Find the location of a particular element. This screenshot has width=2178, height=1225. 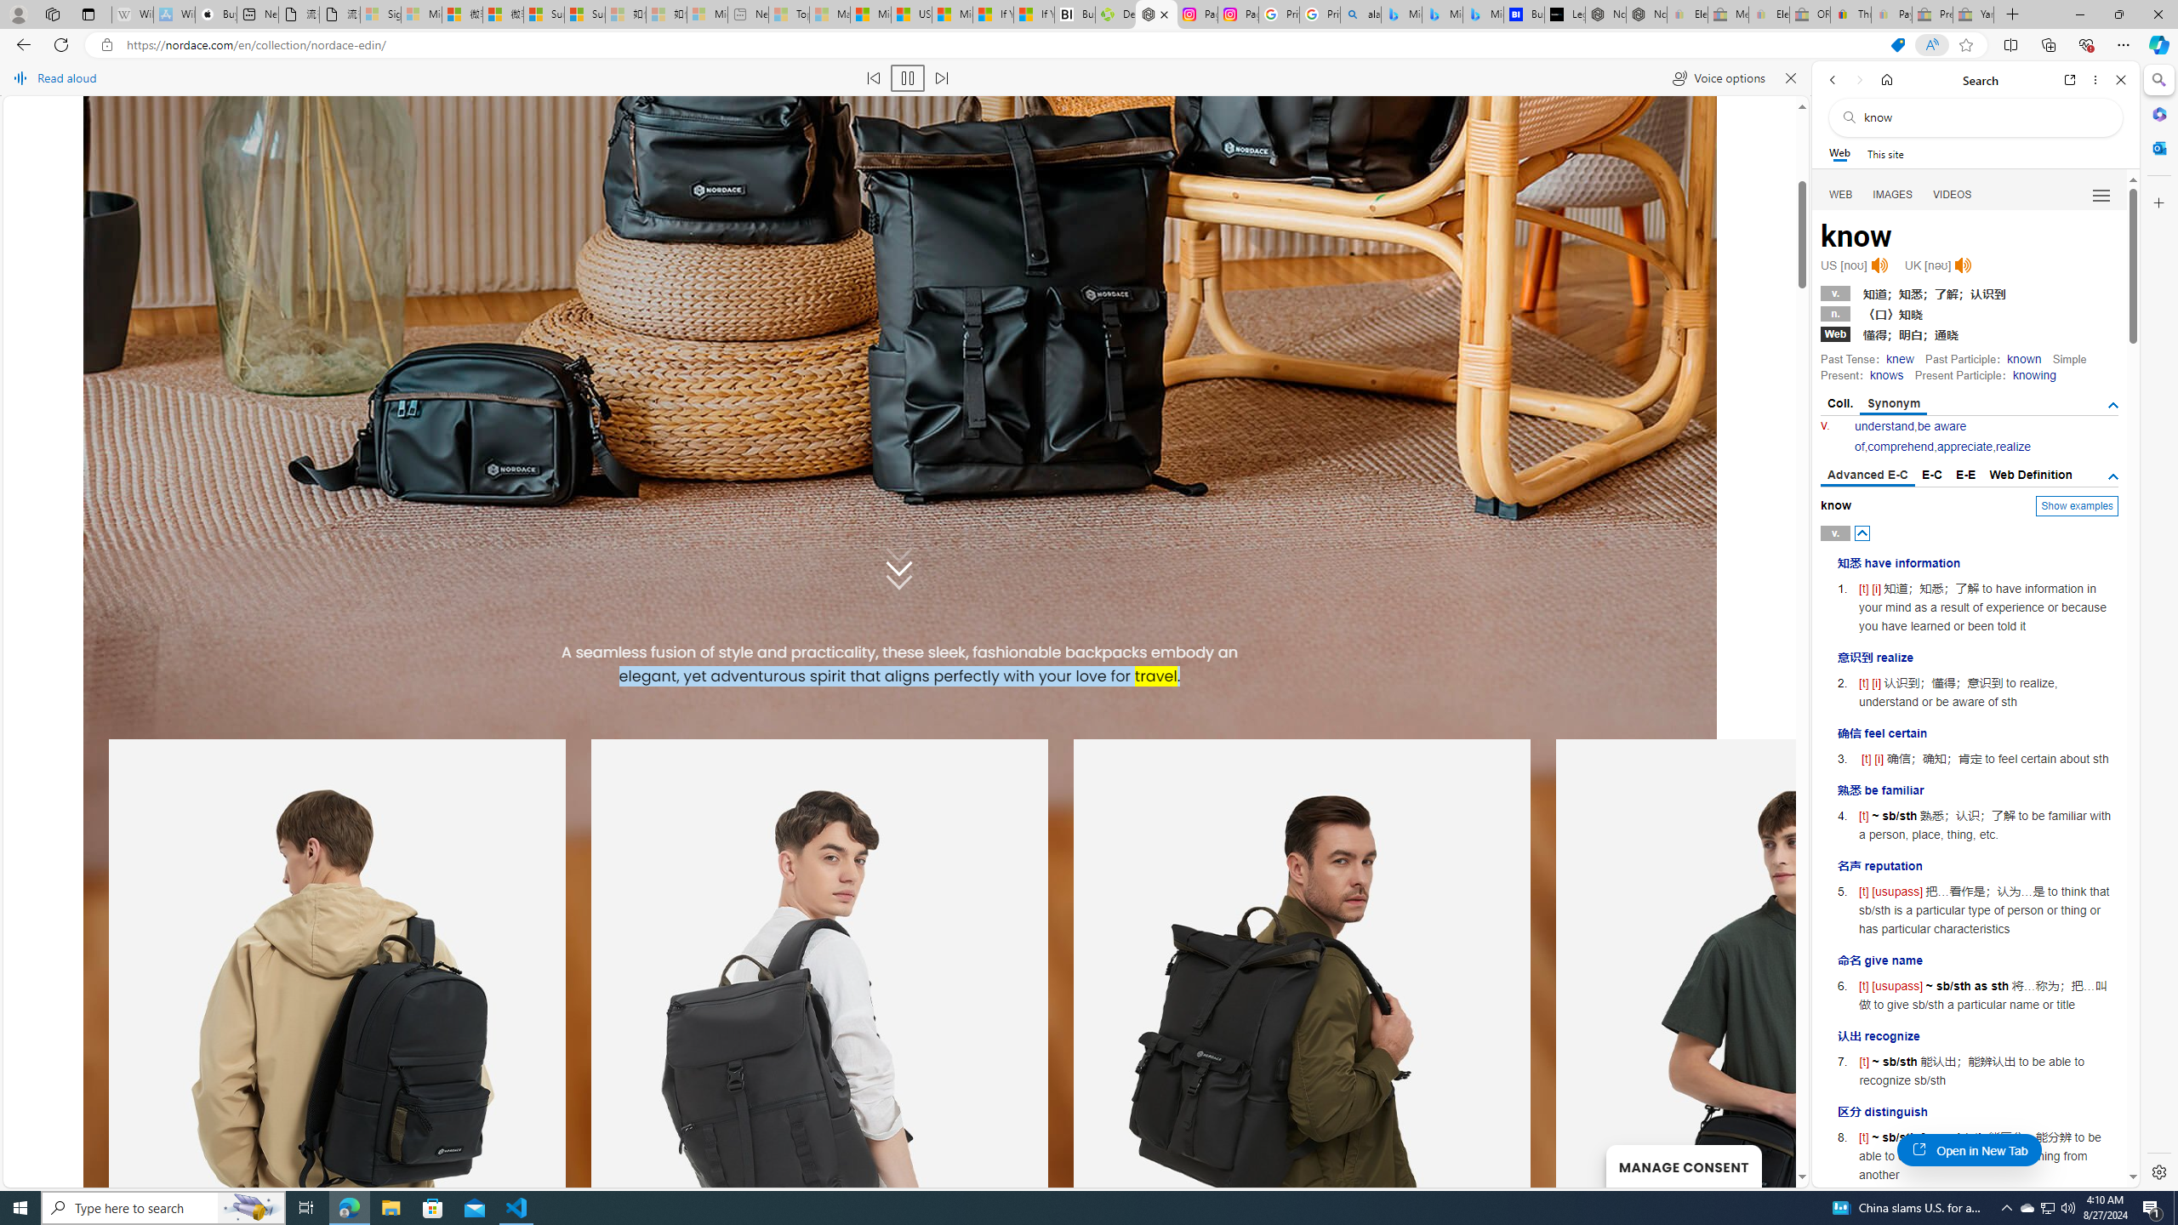

'Voice options' is located at coordinates (1719, 77).